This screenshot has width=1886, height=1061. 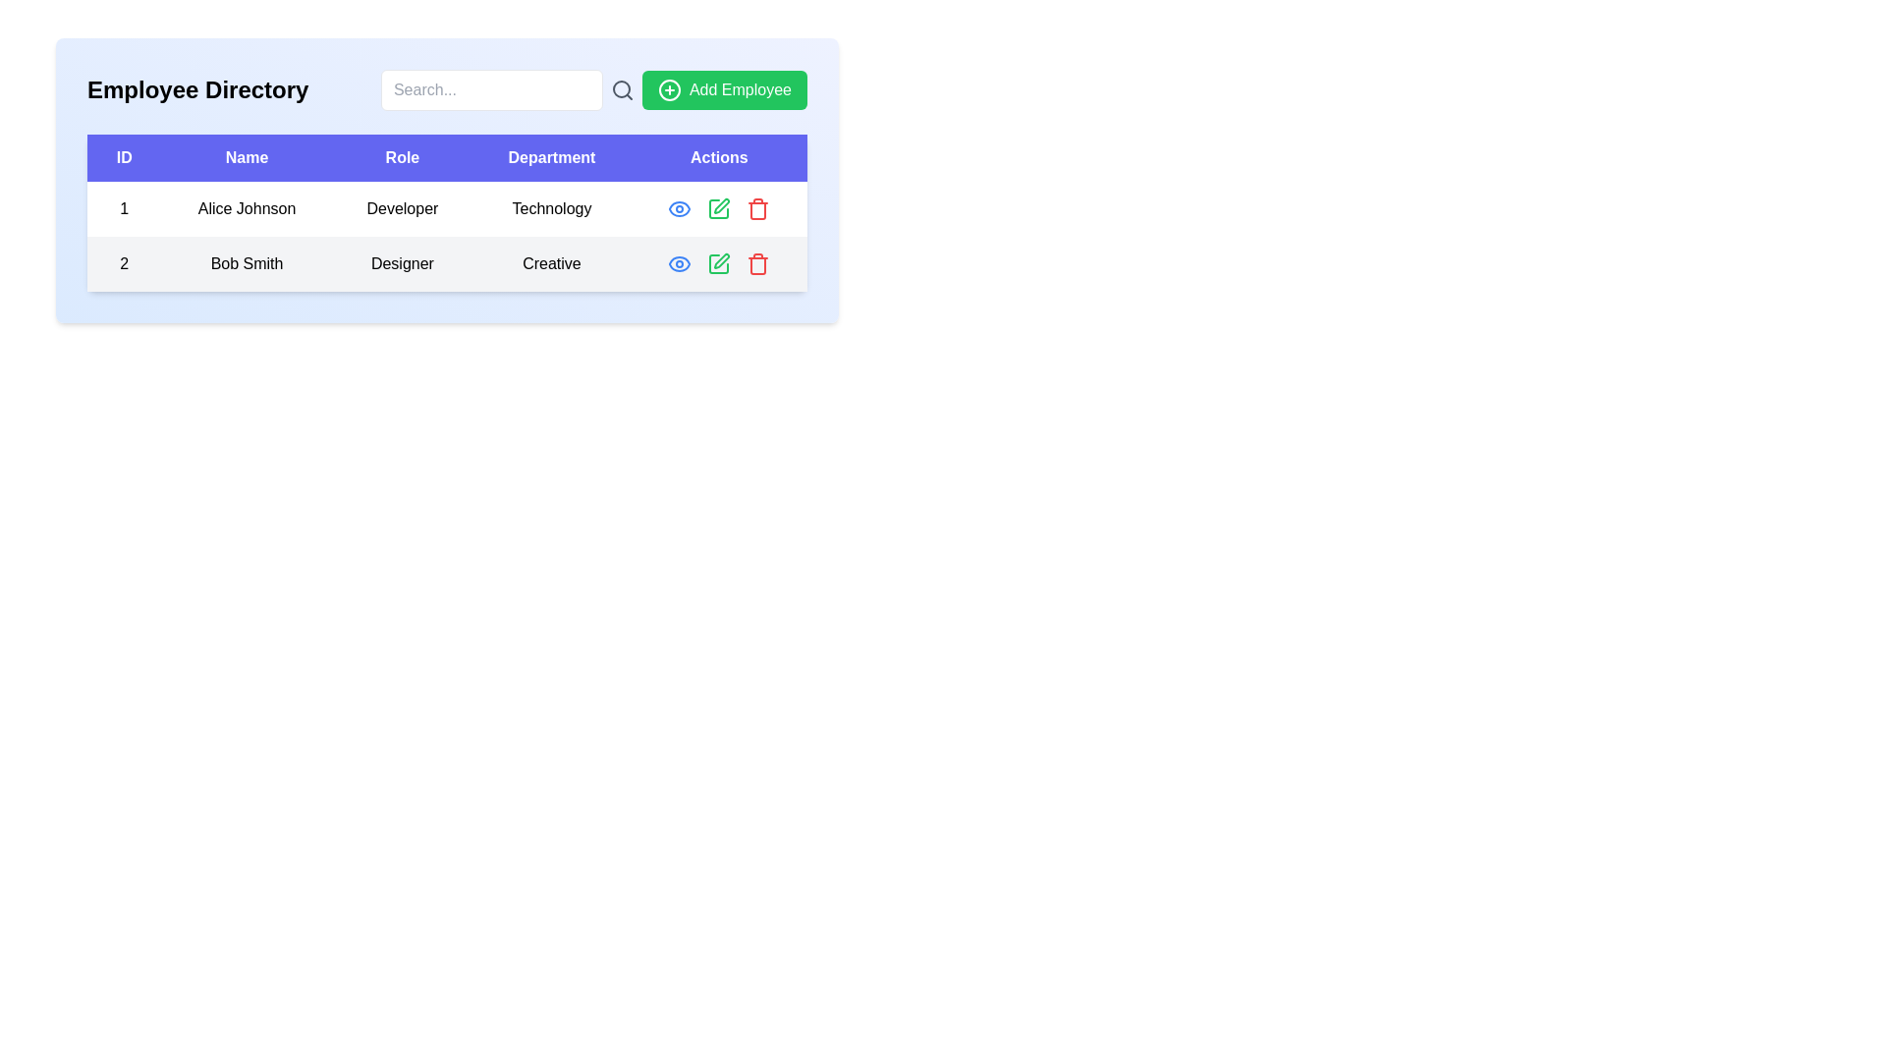 What do you see at coordinates (123, 157) in the screenshot?
I see `the 'ID' column header cell in the data table, which is the first column header providing context for unique identifiers` at bounding box center [123, 157].